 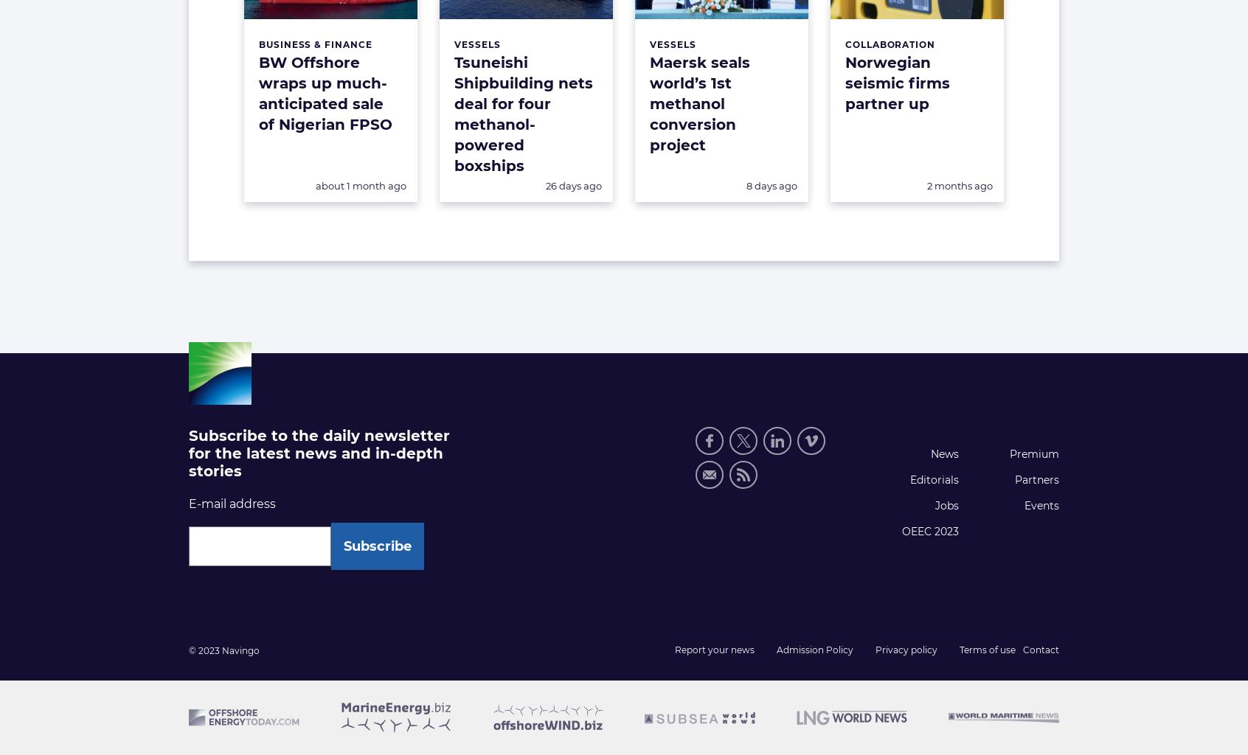 I want to click on 'Norwegian seismic firms partner up', so click(x=898, y=83).